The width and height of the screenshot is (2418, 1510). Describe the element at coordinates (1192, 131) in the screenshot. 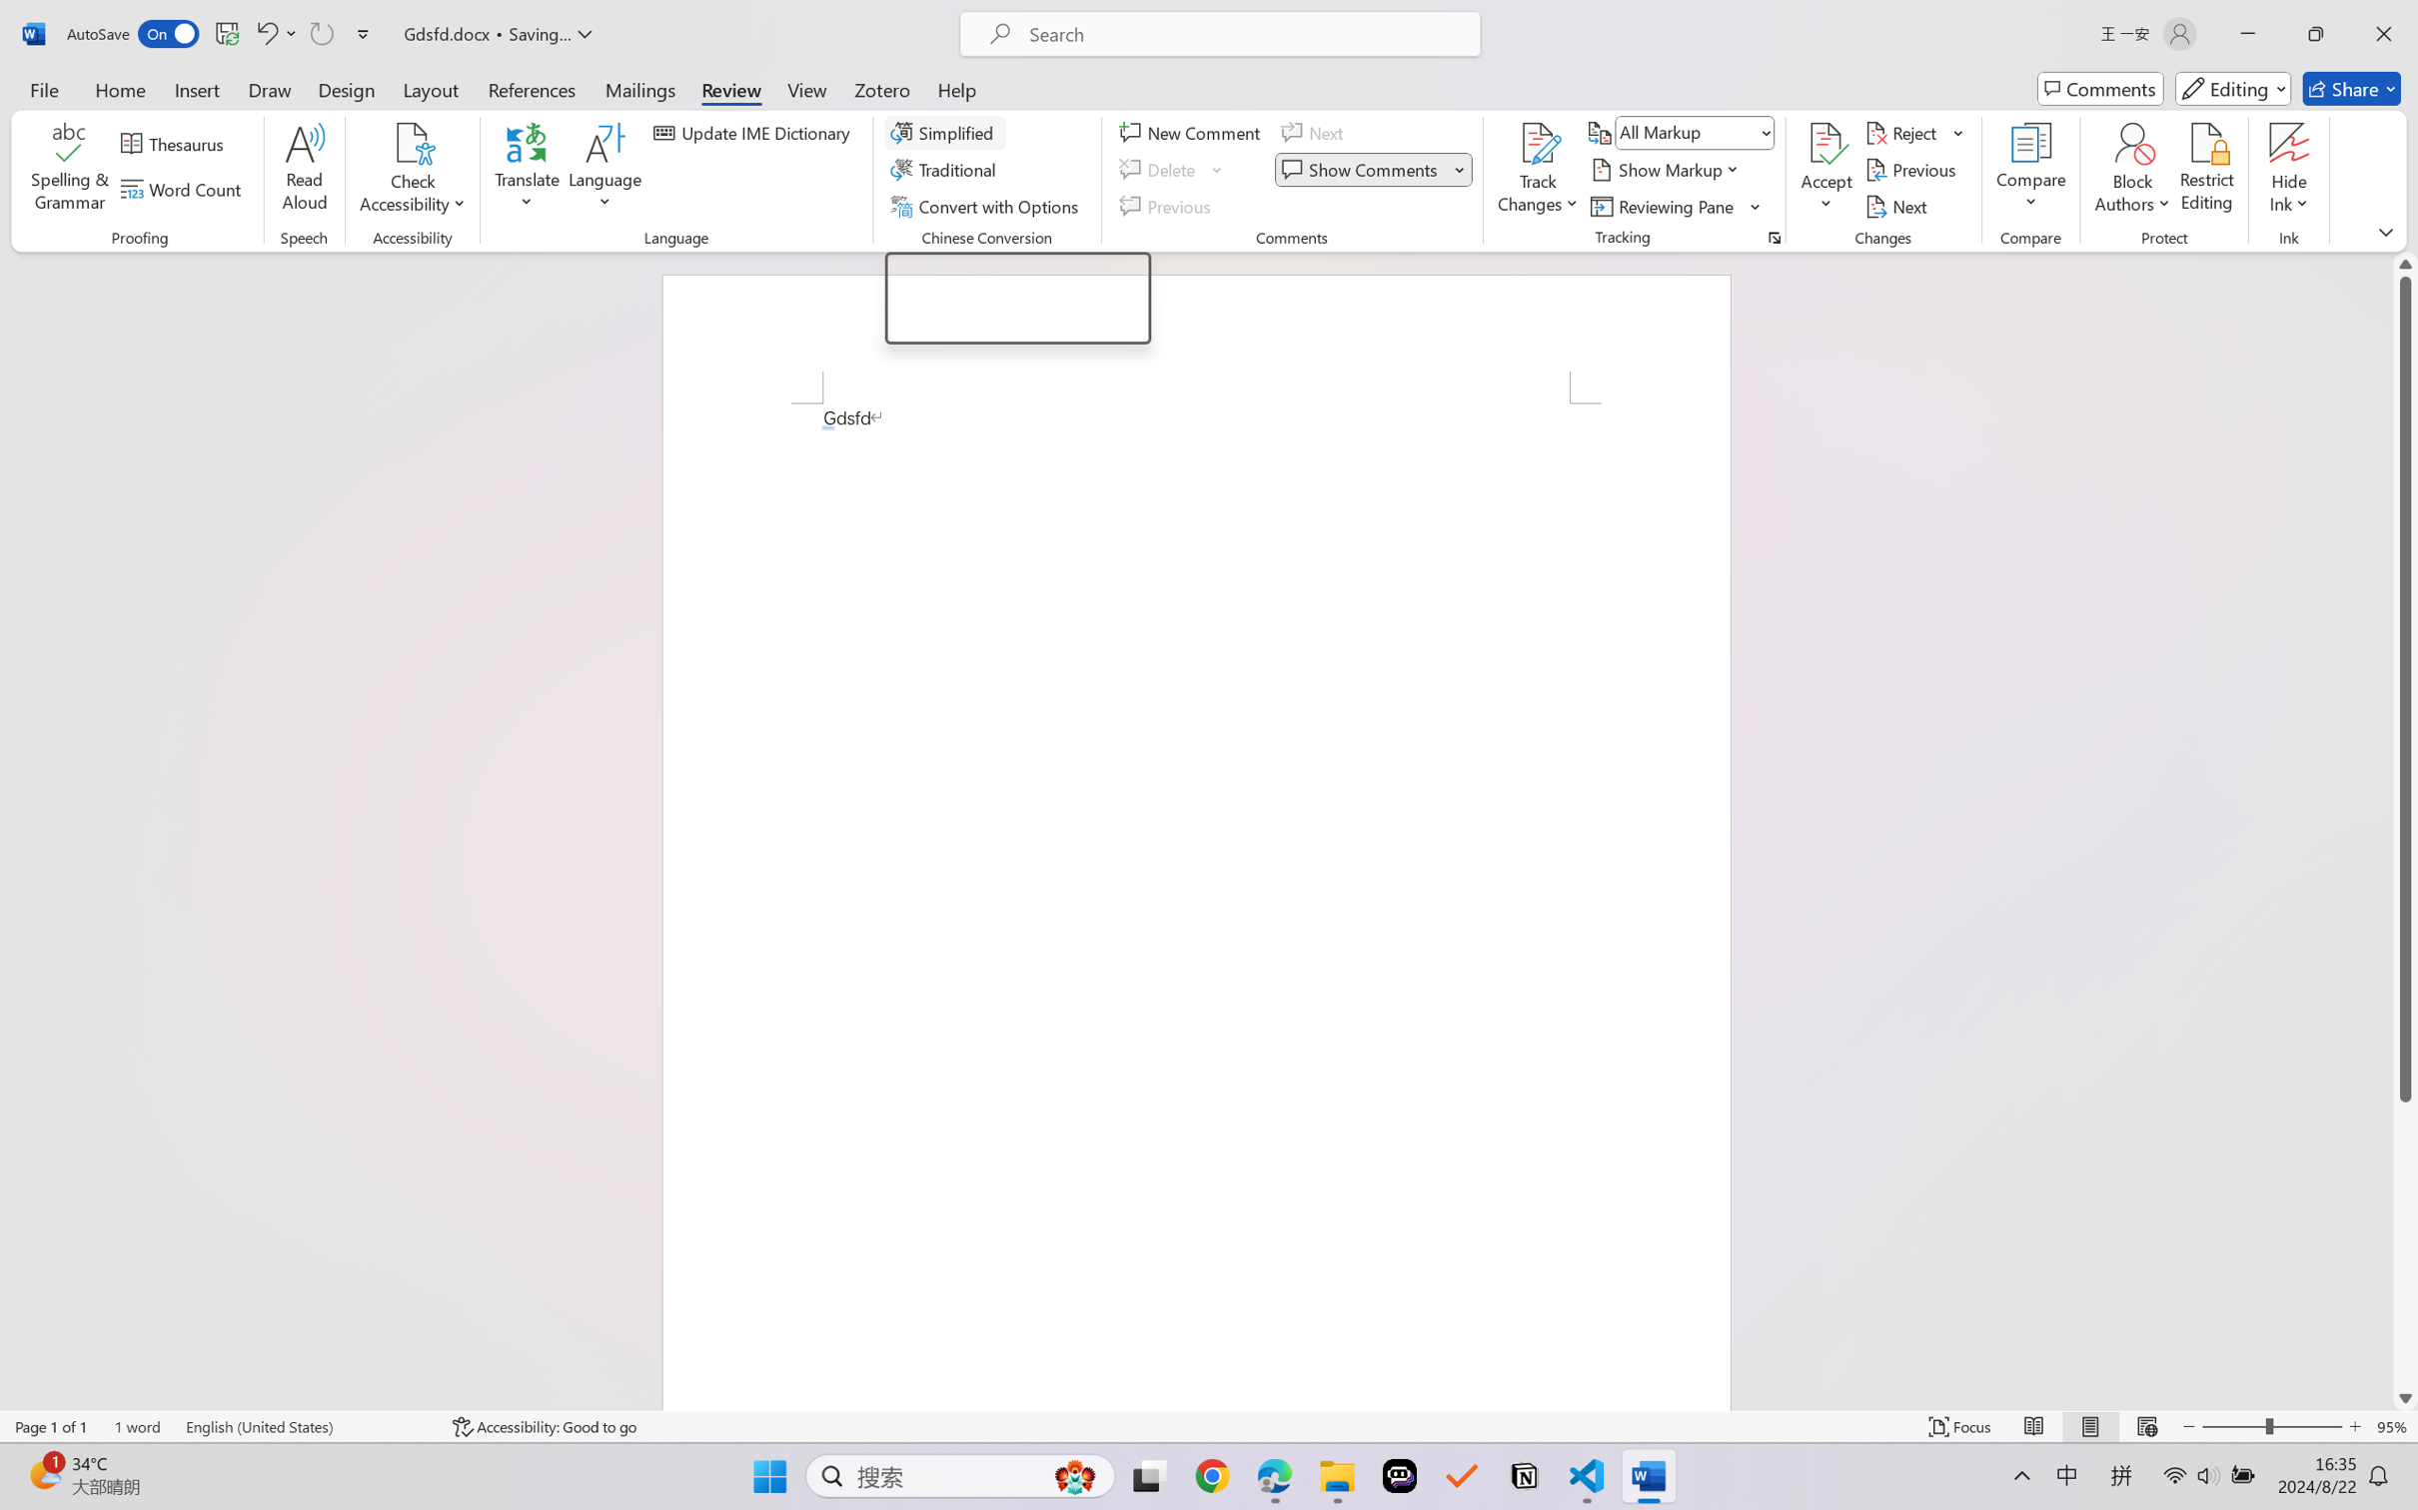

I see `'New Comment'` at that location.